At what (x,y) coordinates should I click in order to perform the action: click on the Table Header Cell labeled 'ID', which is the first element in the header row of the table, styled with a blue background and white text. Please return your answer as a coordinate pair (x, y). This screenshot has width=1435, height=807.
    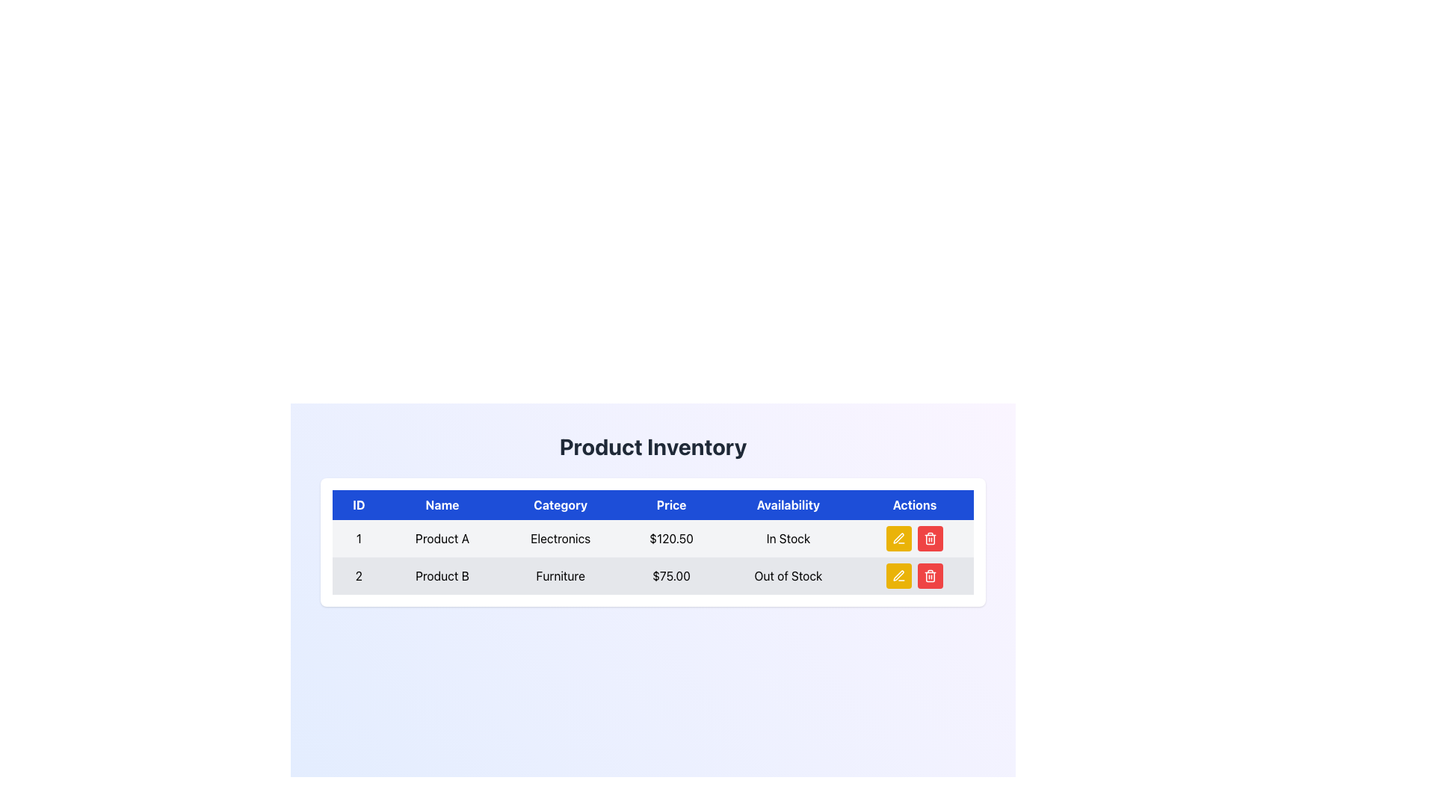
    Looking at the image, I should click on (359, 504).